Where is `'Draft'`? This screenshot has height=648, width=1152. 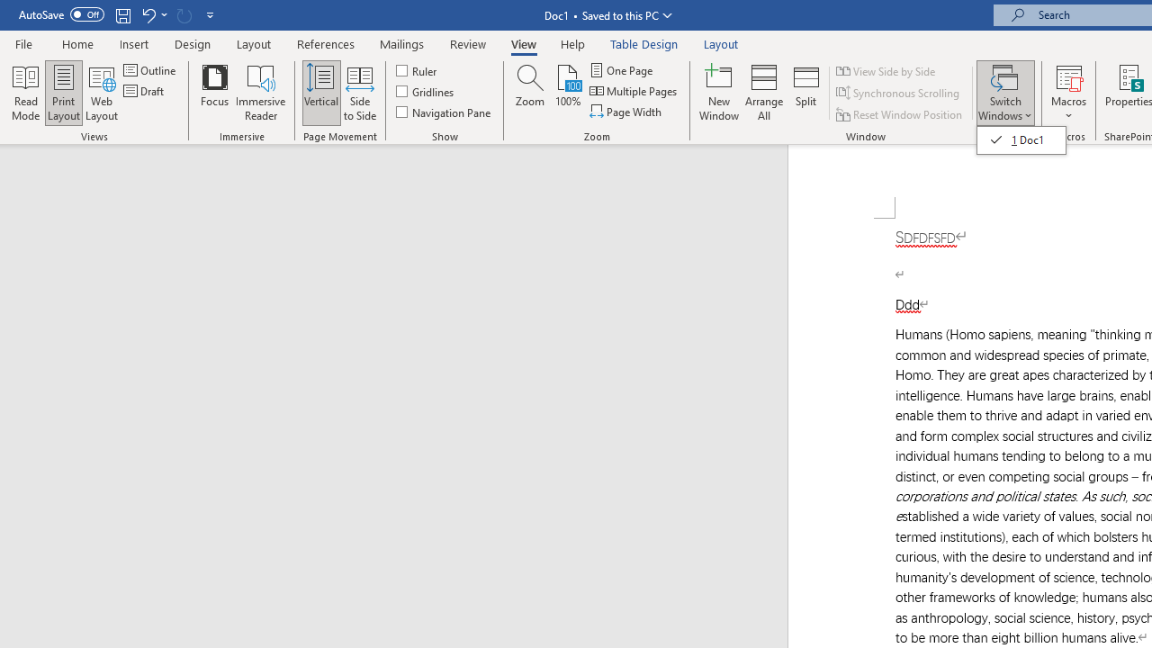 'Draft' is located at coordinates (145, 91).